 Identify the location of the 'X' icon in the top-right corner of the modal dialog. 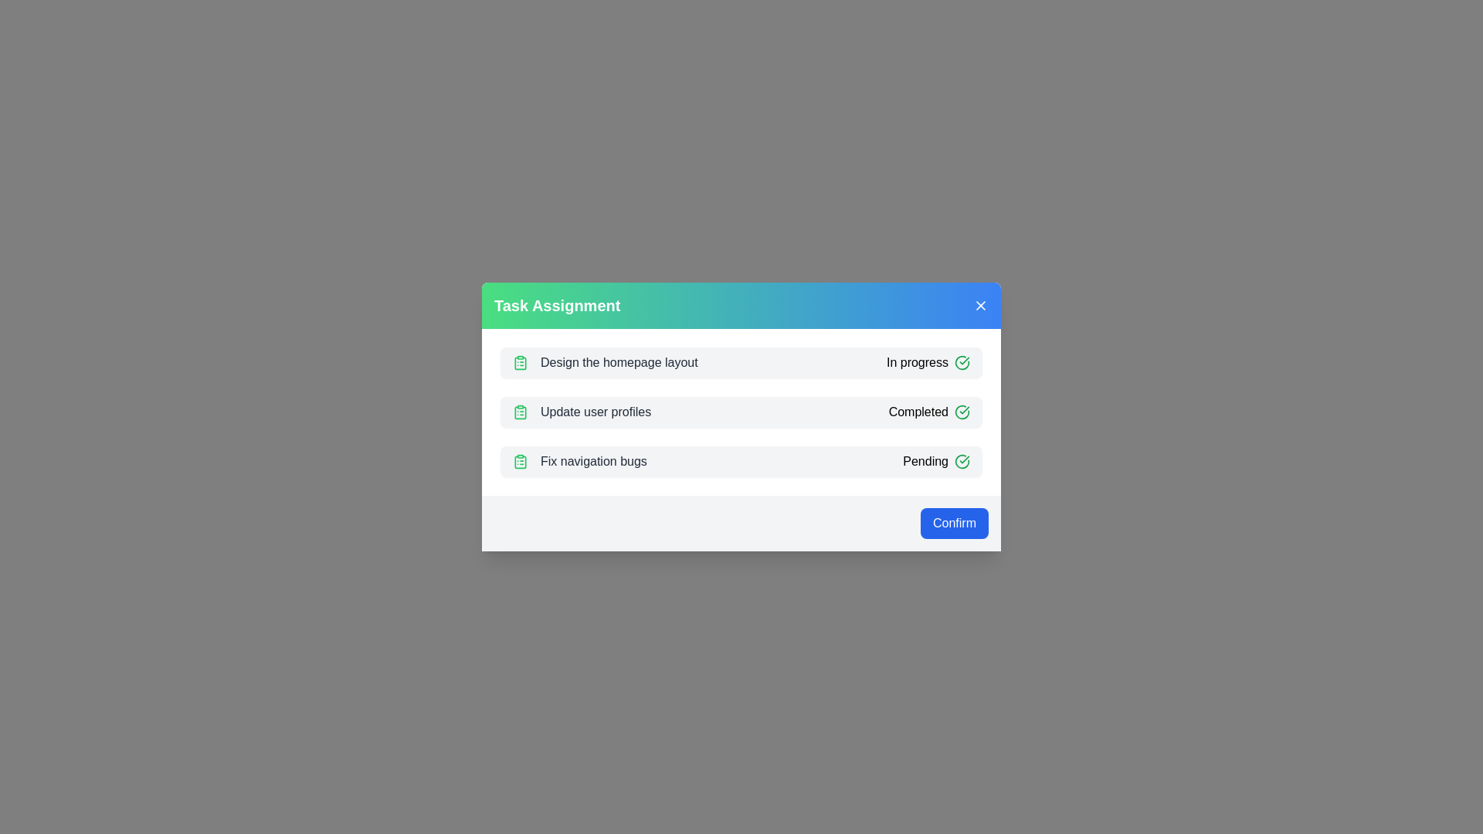
(980, 306).